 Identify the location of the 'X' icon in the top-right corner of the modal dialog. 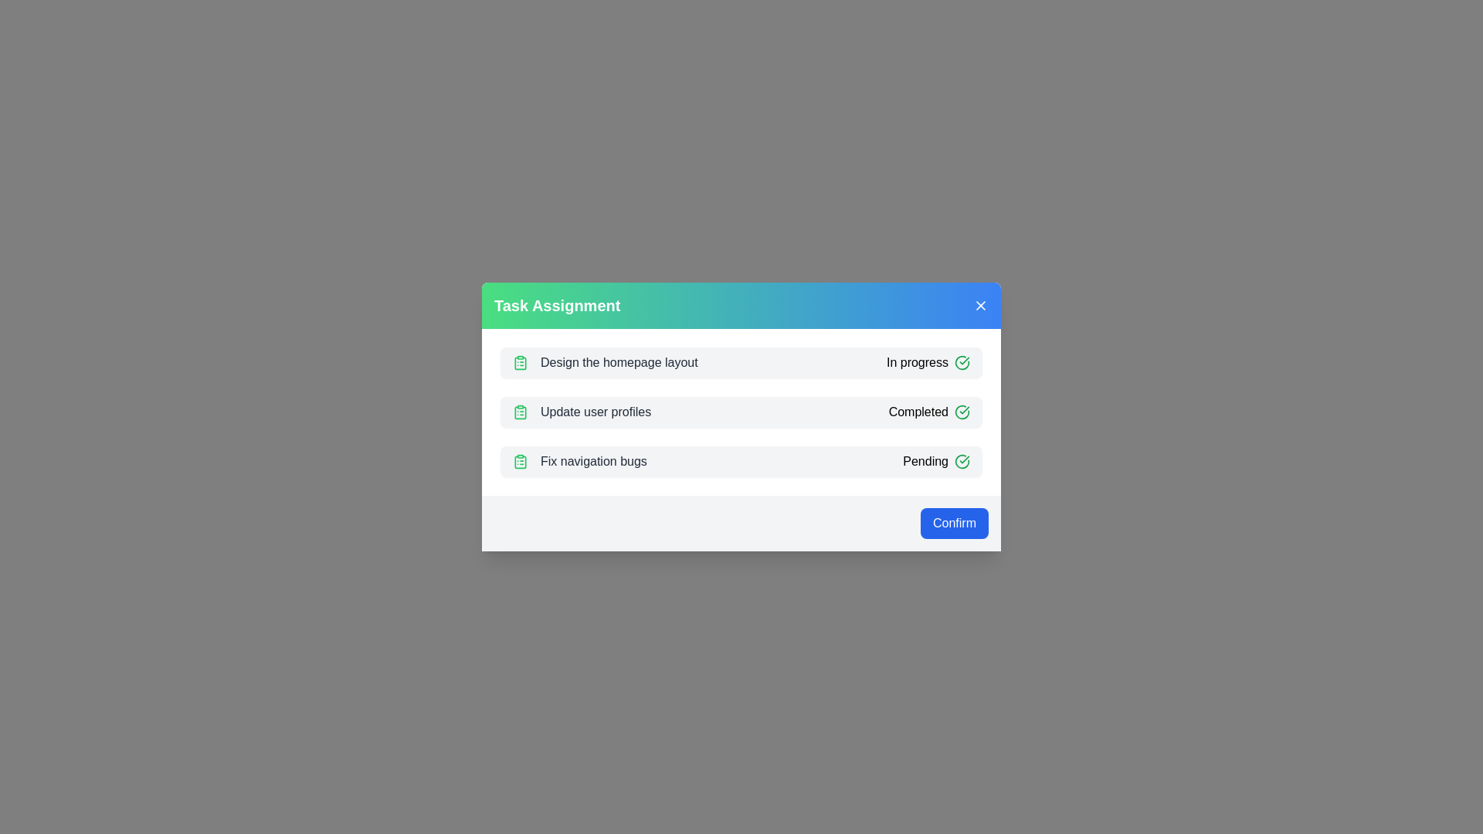
(980, 306).